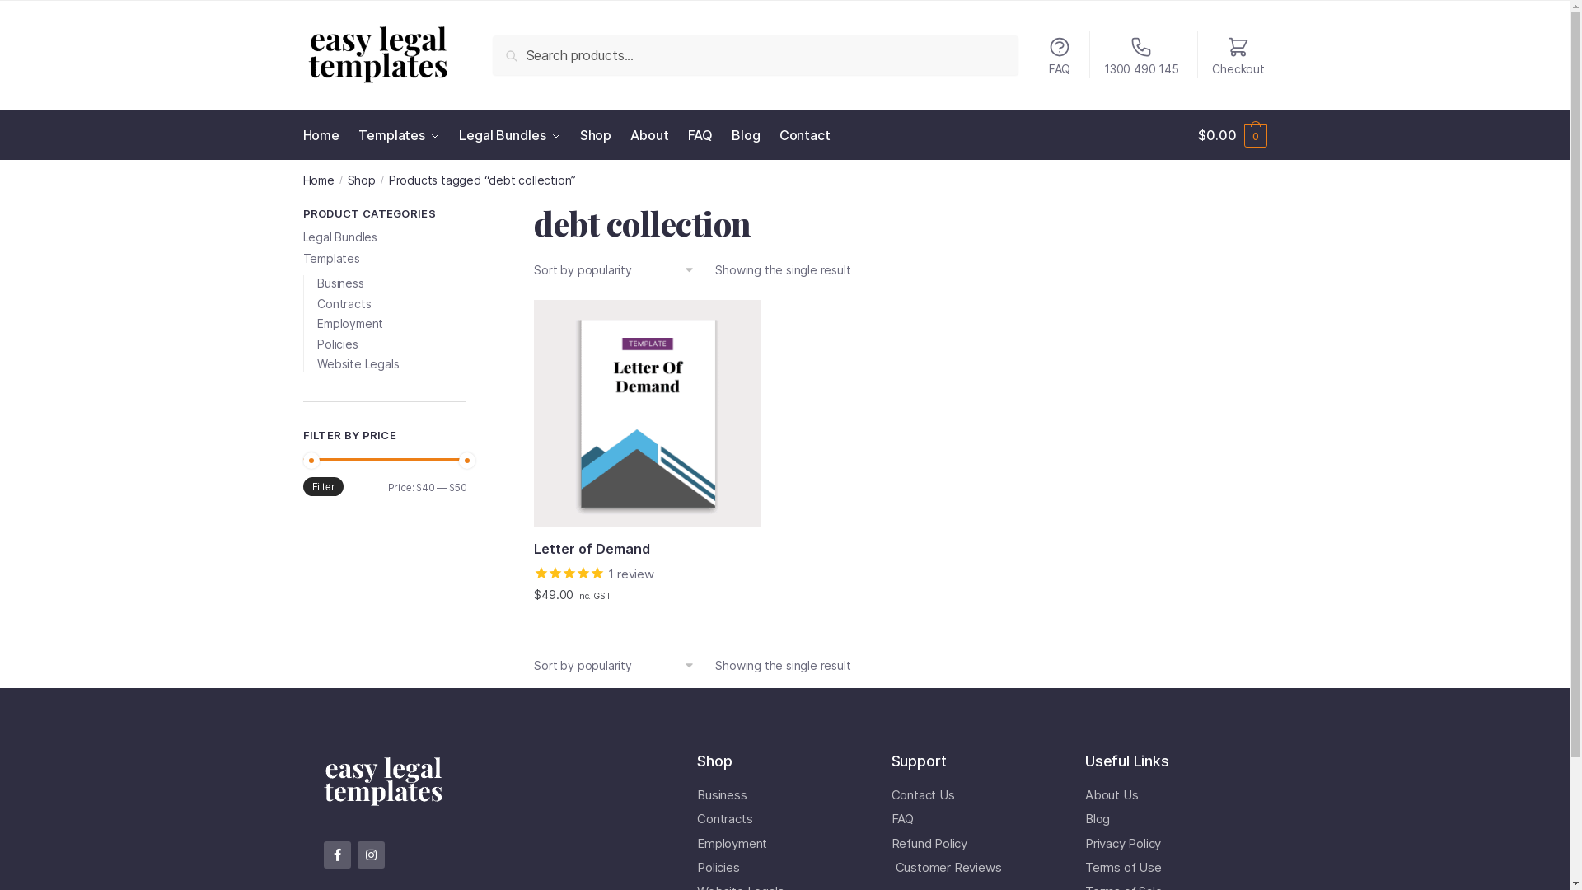 The image size is (1582, 890). Describe the element at coordinates (325, 134) in the screenshot. I see `'Home'` at that location.